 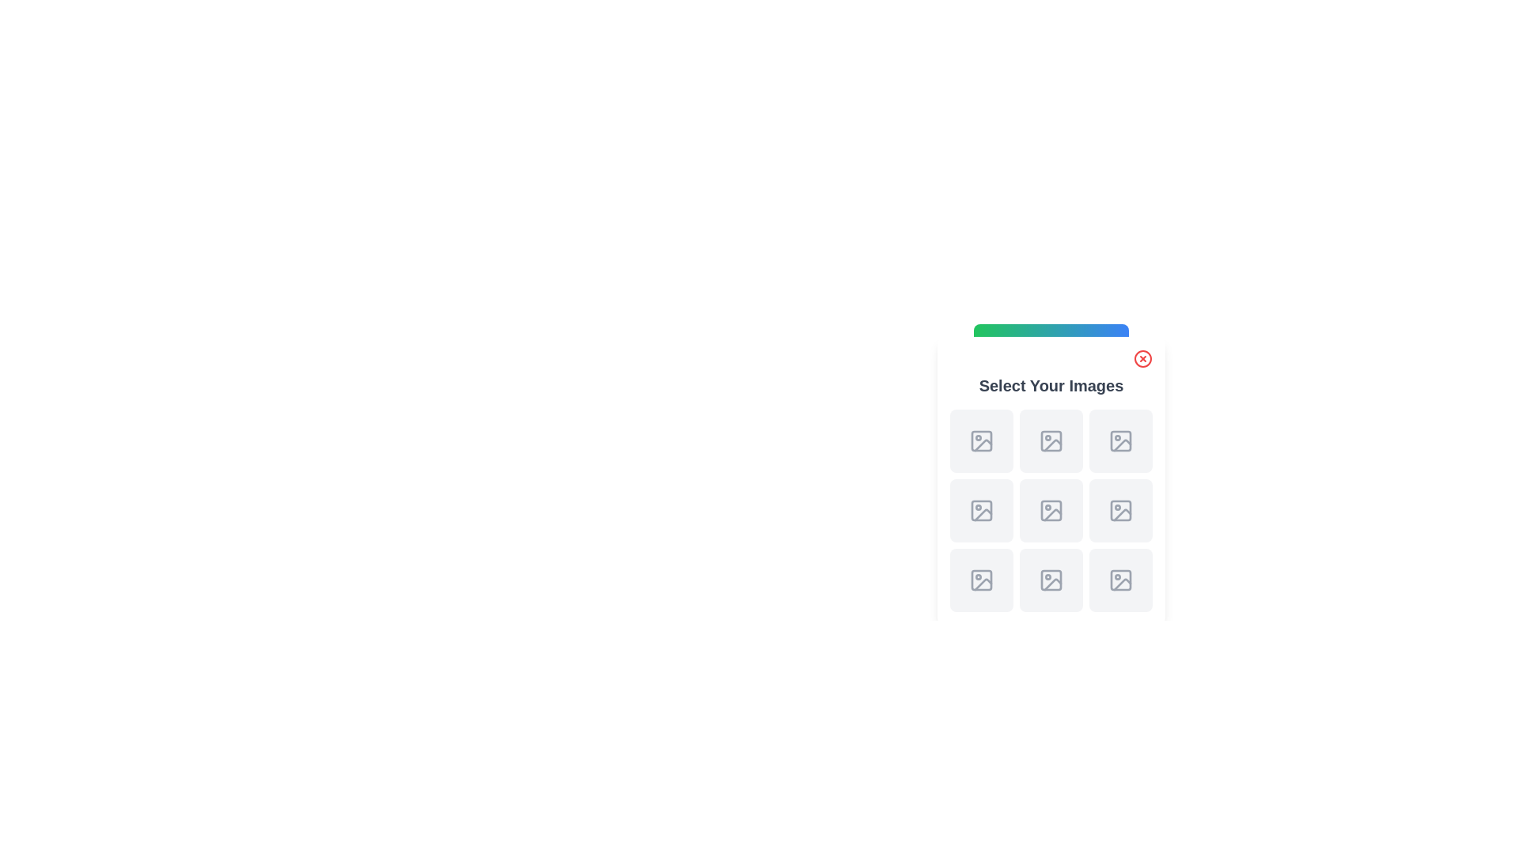 I want to click on the close button located in the top-right corner of the 'Select Your Images' modal dialog, so click(x=1142, y=359).